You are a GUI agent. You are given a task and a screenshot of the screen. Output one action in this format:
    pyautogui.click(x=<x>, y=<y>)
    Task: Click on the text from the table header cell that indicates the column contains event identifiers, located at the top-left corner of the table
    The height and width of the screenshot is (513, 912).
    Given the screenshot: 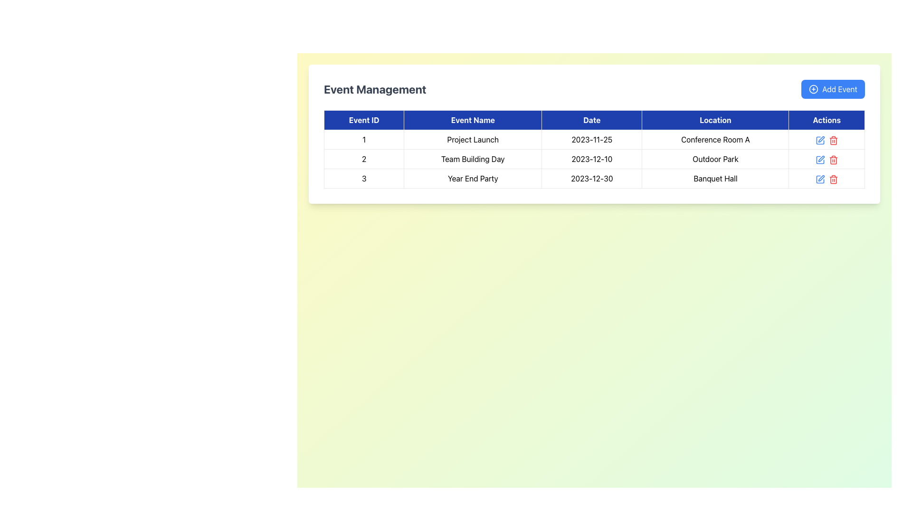 What is the action you would take?
    pyautogui.click(x=363, y=120)
    